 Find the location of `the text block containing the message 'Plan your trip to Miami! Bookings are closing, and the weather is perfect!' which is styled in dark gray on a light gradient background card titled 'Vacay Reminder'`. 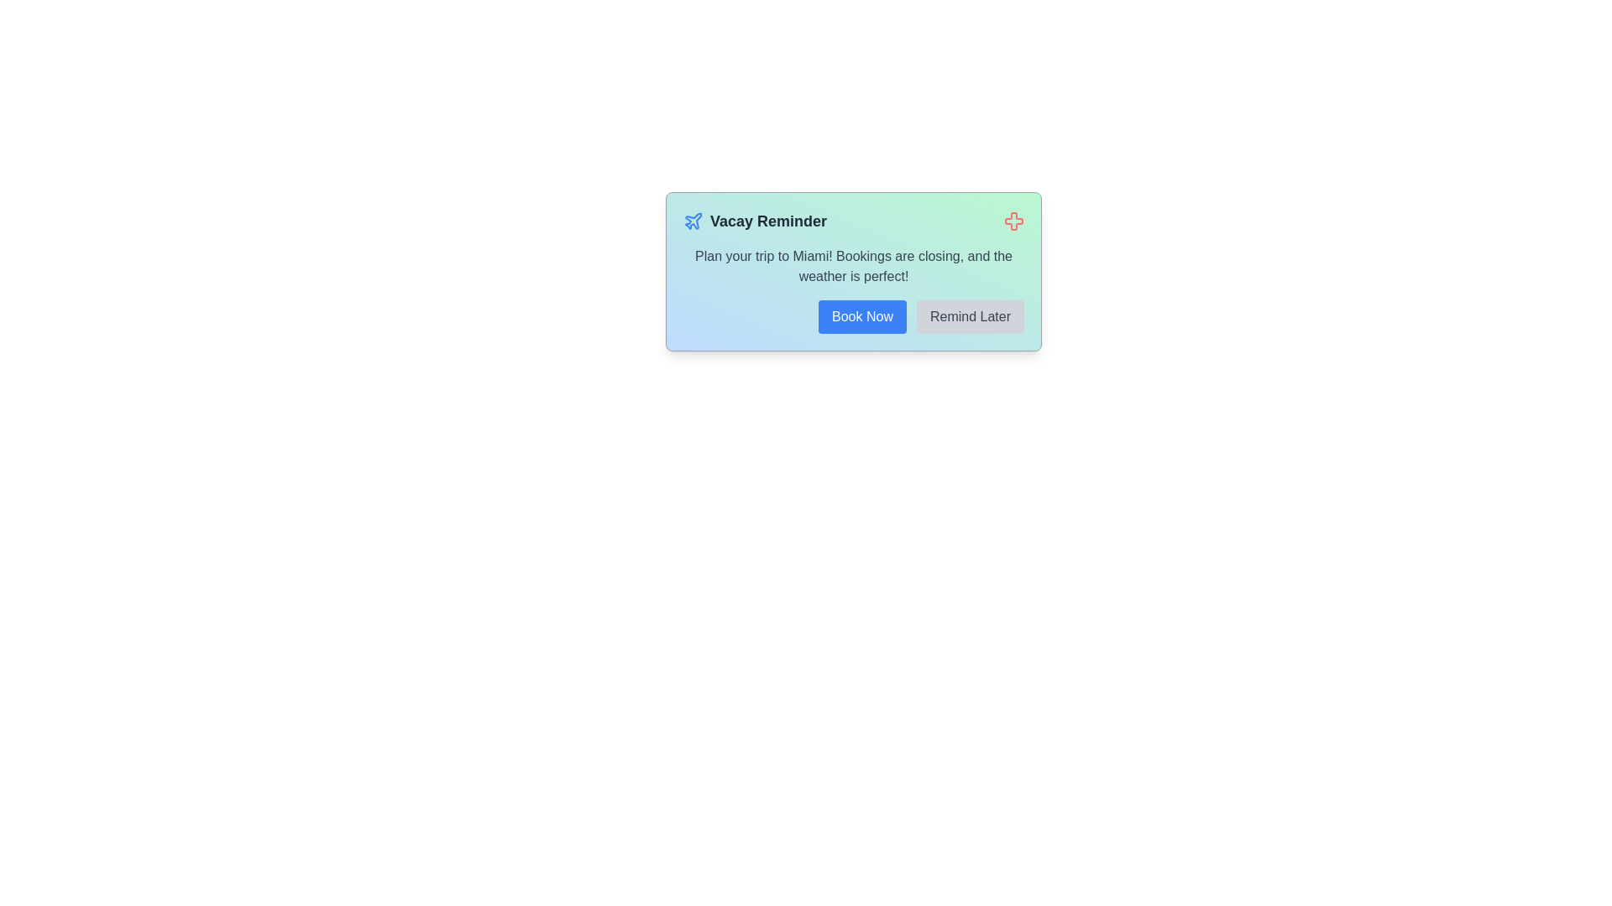

the text block containing the message 'Plan your trip to Miami! Bookings are closing, and the weather is perfect!' which is styled in dark gray on a light gradient background card titled 'Vacay Reminder' is located at coordinates (854, 265).